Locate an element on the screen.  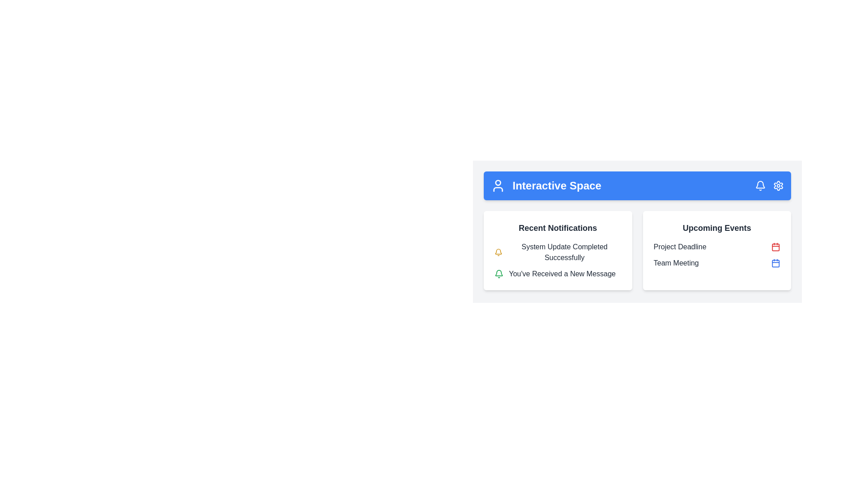
the yellow bell icon representing notifications, located to the left of the text 'System Update Completed Successfully' in the 'Recent Notifications' section is located at coordinates (498, 252).